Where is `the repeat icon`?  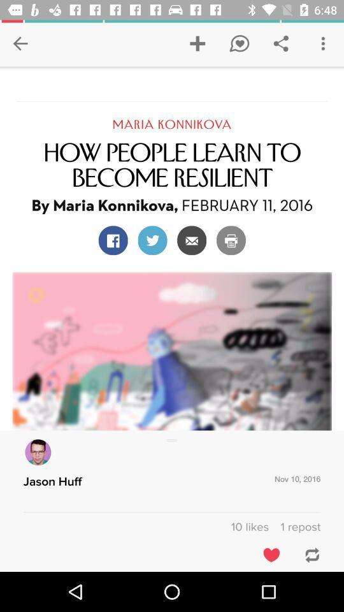
the repeat icon is located at coordinates (308, 554).